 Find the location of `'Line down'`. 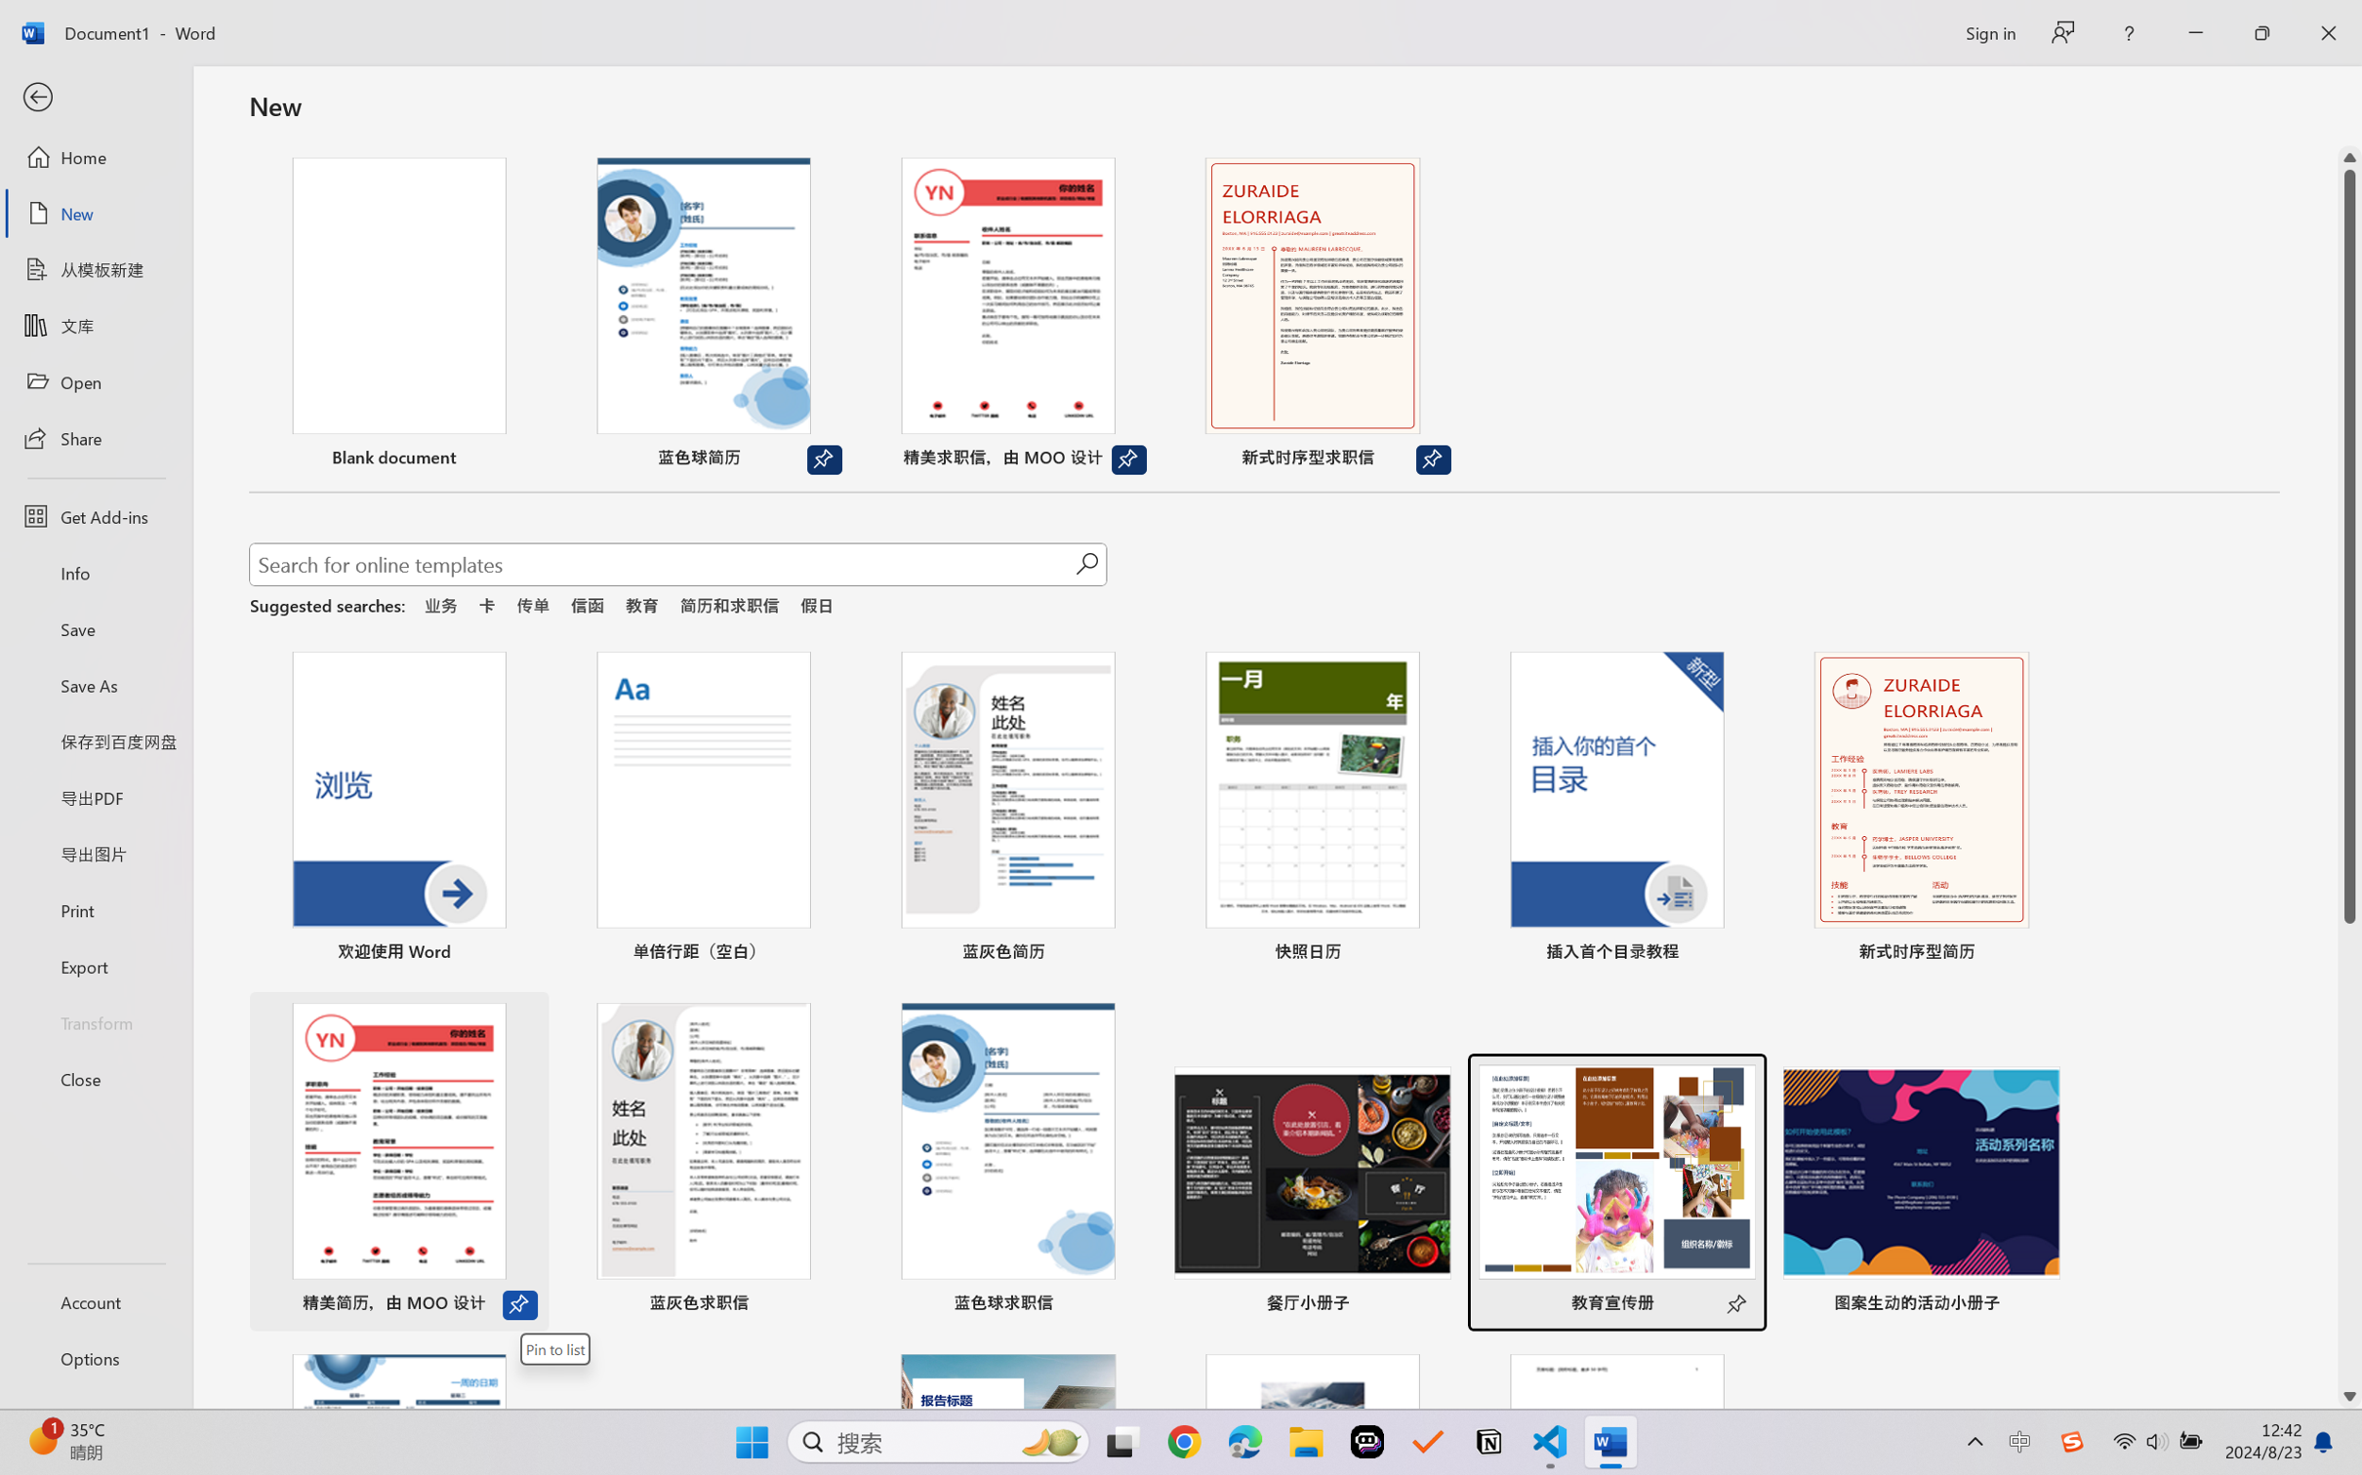

'Line down' is located at coordinates (2349, 1397).